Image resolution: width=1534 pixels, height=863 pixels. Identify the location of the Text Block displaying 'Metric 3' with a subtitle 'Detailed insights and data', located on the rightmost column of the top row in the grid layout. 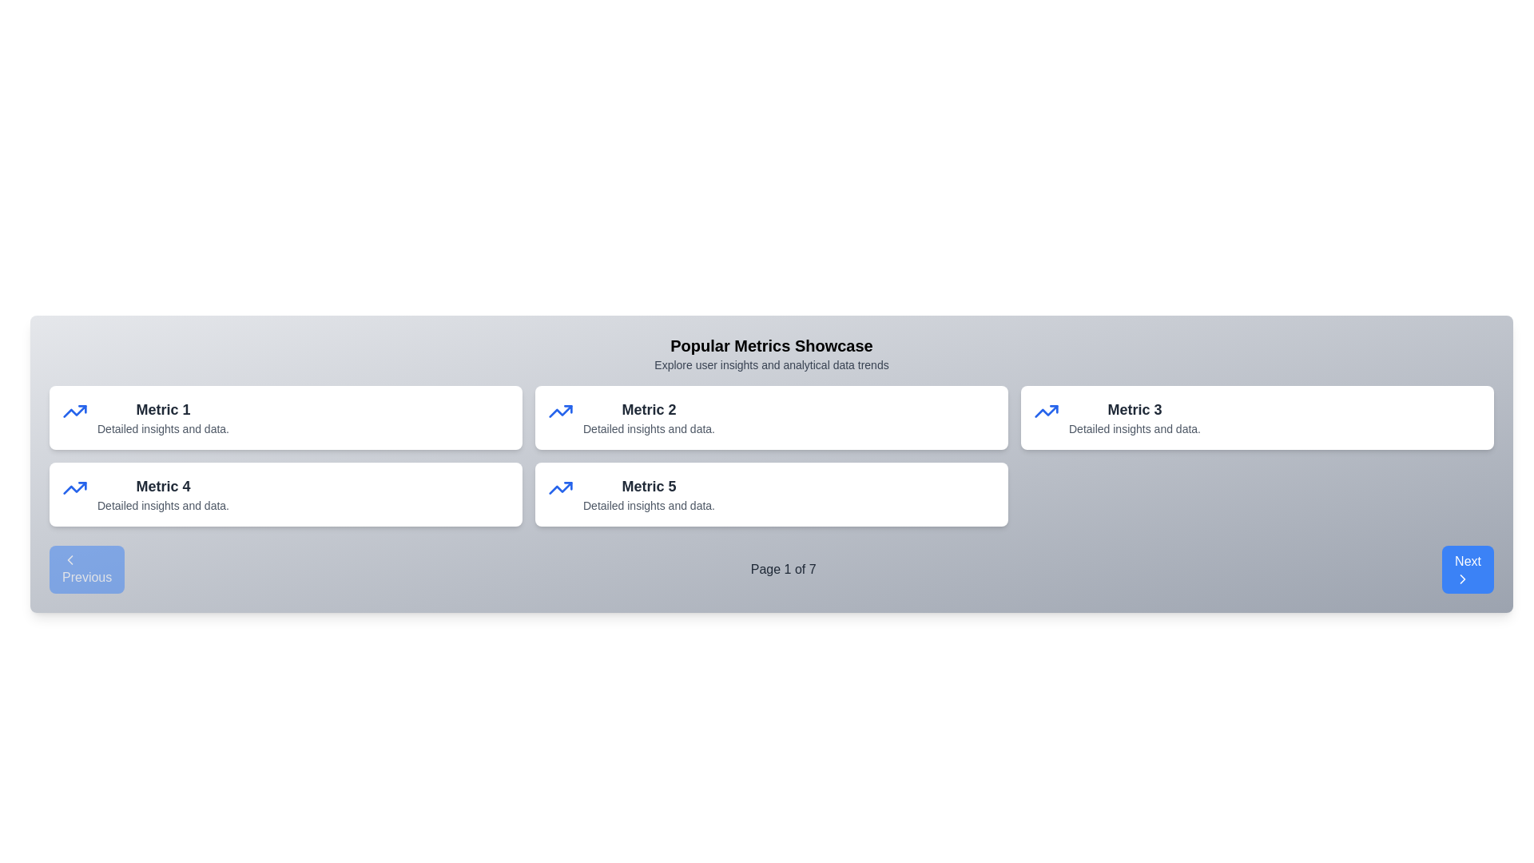
(1129, 417).